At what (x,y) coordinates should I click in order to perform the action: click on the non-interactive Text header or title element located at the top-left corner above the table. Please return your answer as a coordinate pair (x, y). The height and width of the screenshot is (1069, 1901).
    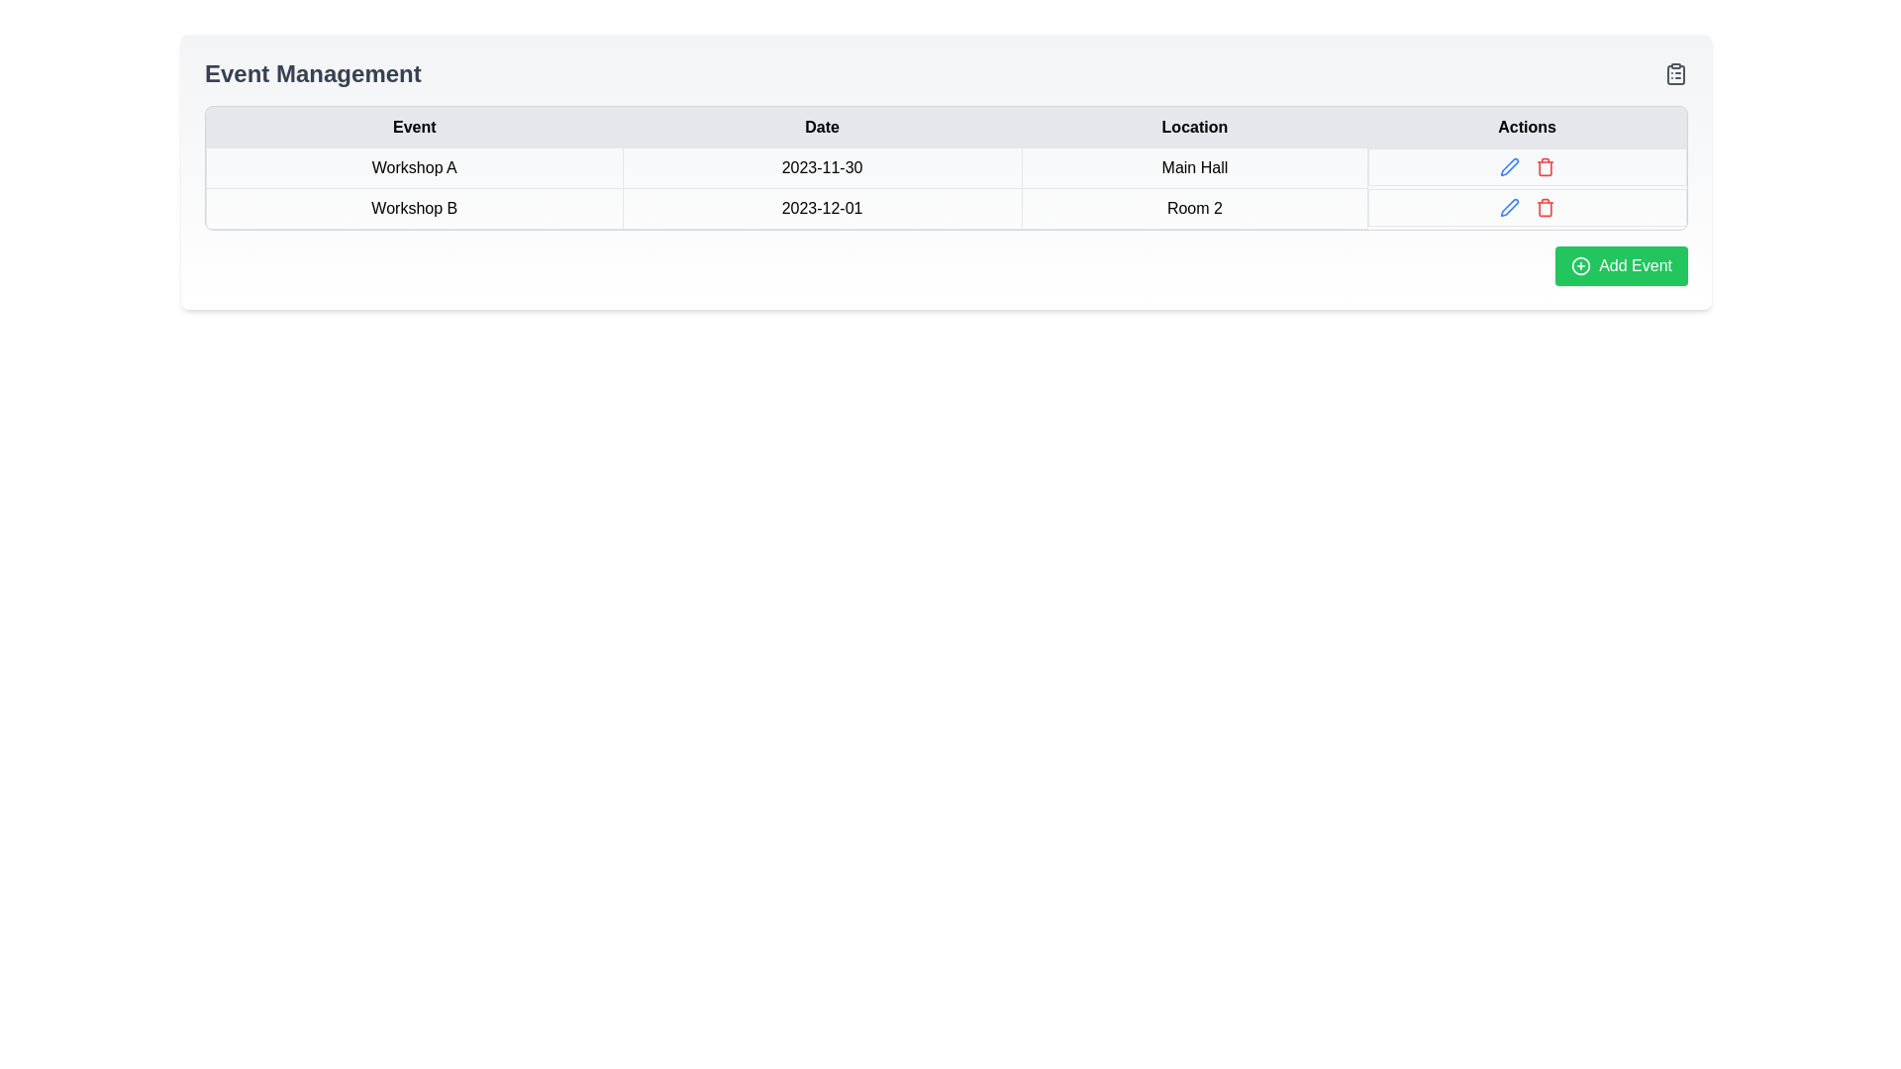
    Looking at the image, I should click on (312, 72).